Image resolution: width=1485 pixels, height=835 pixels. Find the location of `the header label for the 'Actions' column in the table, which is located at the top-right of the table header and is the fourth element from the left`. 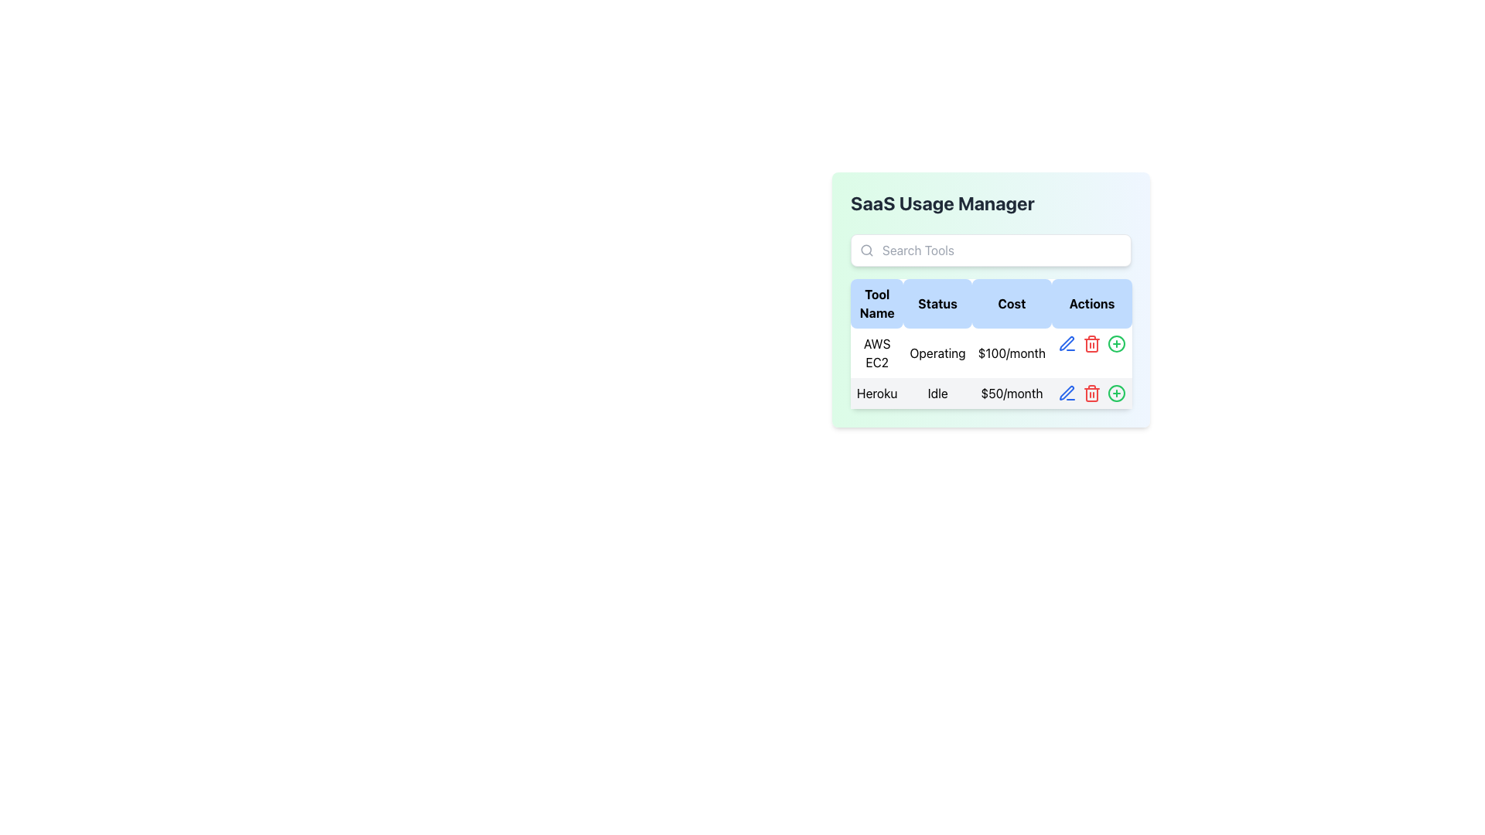

the header label for the 'Actions' column in the table, which is located at the top-right of the table header and is the fourth element from the left is located at coordinates (1091, 304).